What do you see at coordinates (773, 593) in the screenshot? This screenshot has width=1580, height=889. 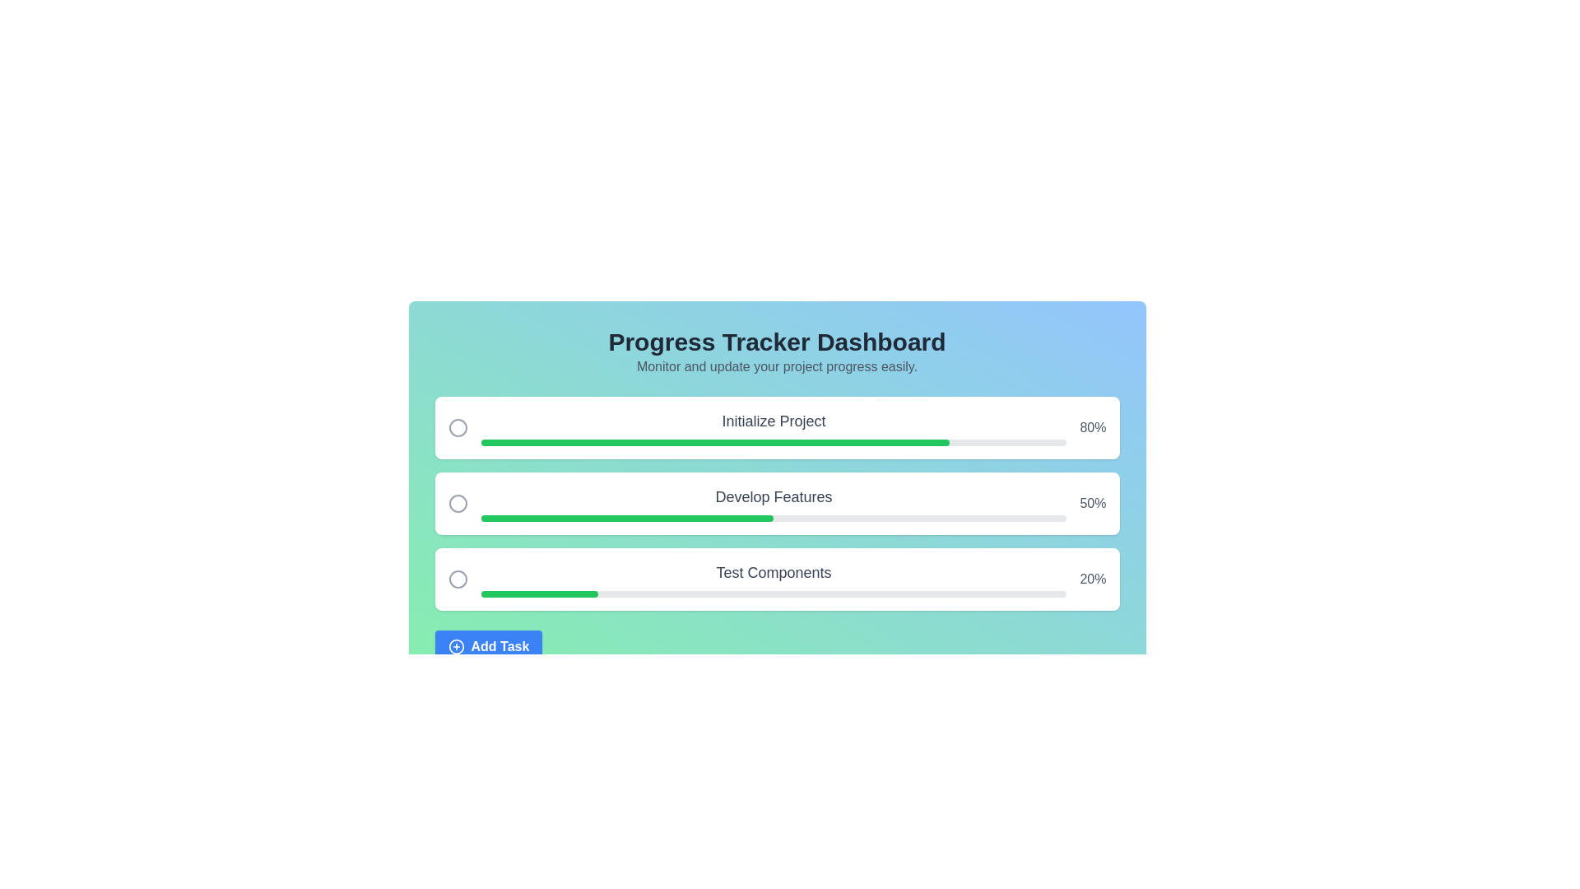 I see `the completion status of the progress bar indicating 20% completion for the 'Test Components' task, located at the bottom of the 'Test Components' section` at bounding box center [773, 593].